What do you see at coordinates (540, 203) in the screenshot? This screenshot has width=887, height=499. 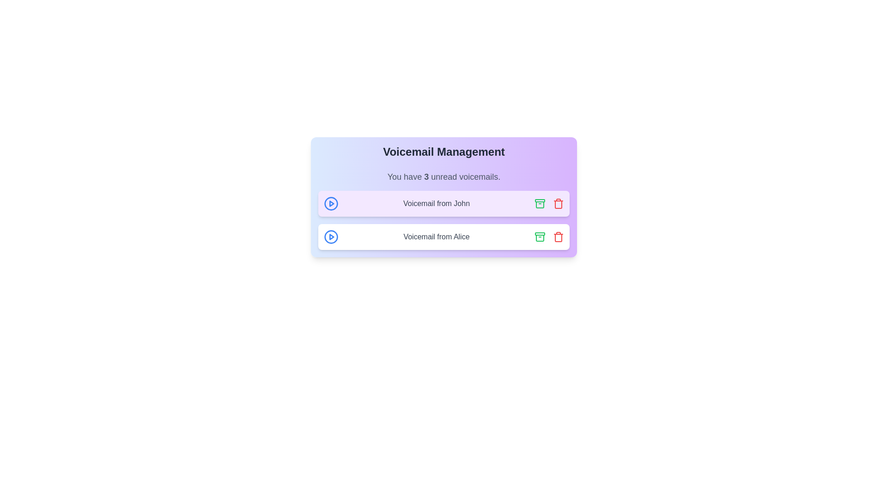 I see `the archive icon button located in the upper message card for 'Voicemail from John' to trigger a color change` at bounding box center [540, 203].